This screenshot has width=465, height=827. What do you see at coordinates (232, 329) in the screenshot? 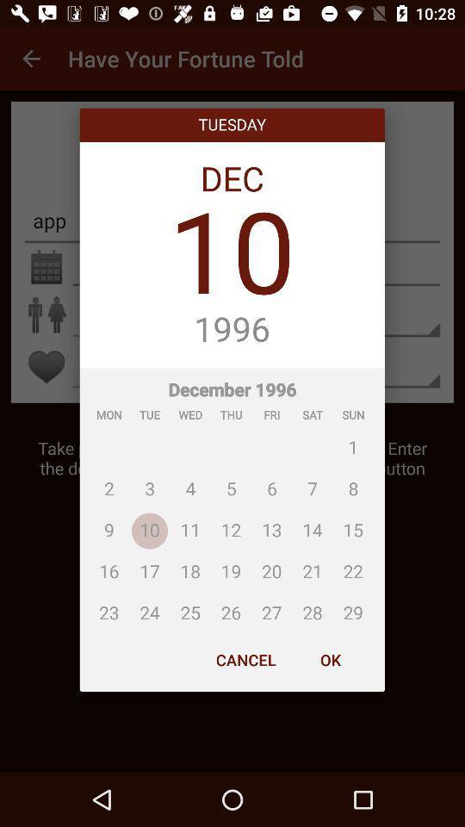
I see `the icon below 10 icon` at bounding box center [232, 329].